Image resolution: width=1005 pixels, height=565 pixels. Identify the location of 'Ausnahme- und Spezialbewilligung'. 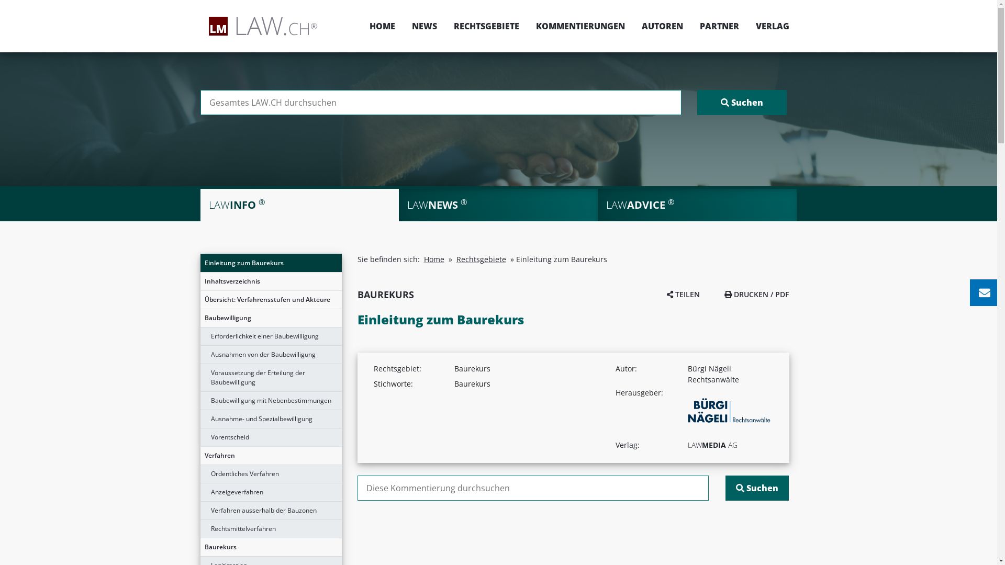
(271, 419).